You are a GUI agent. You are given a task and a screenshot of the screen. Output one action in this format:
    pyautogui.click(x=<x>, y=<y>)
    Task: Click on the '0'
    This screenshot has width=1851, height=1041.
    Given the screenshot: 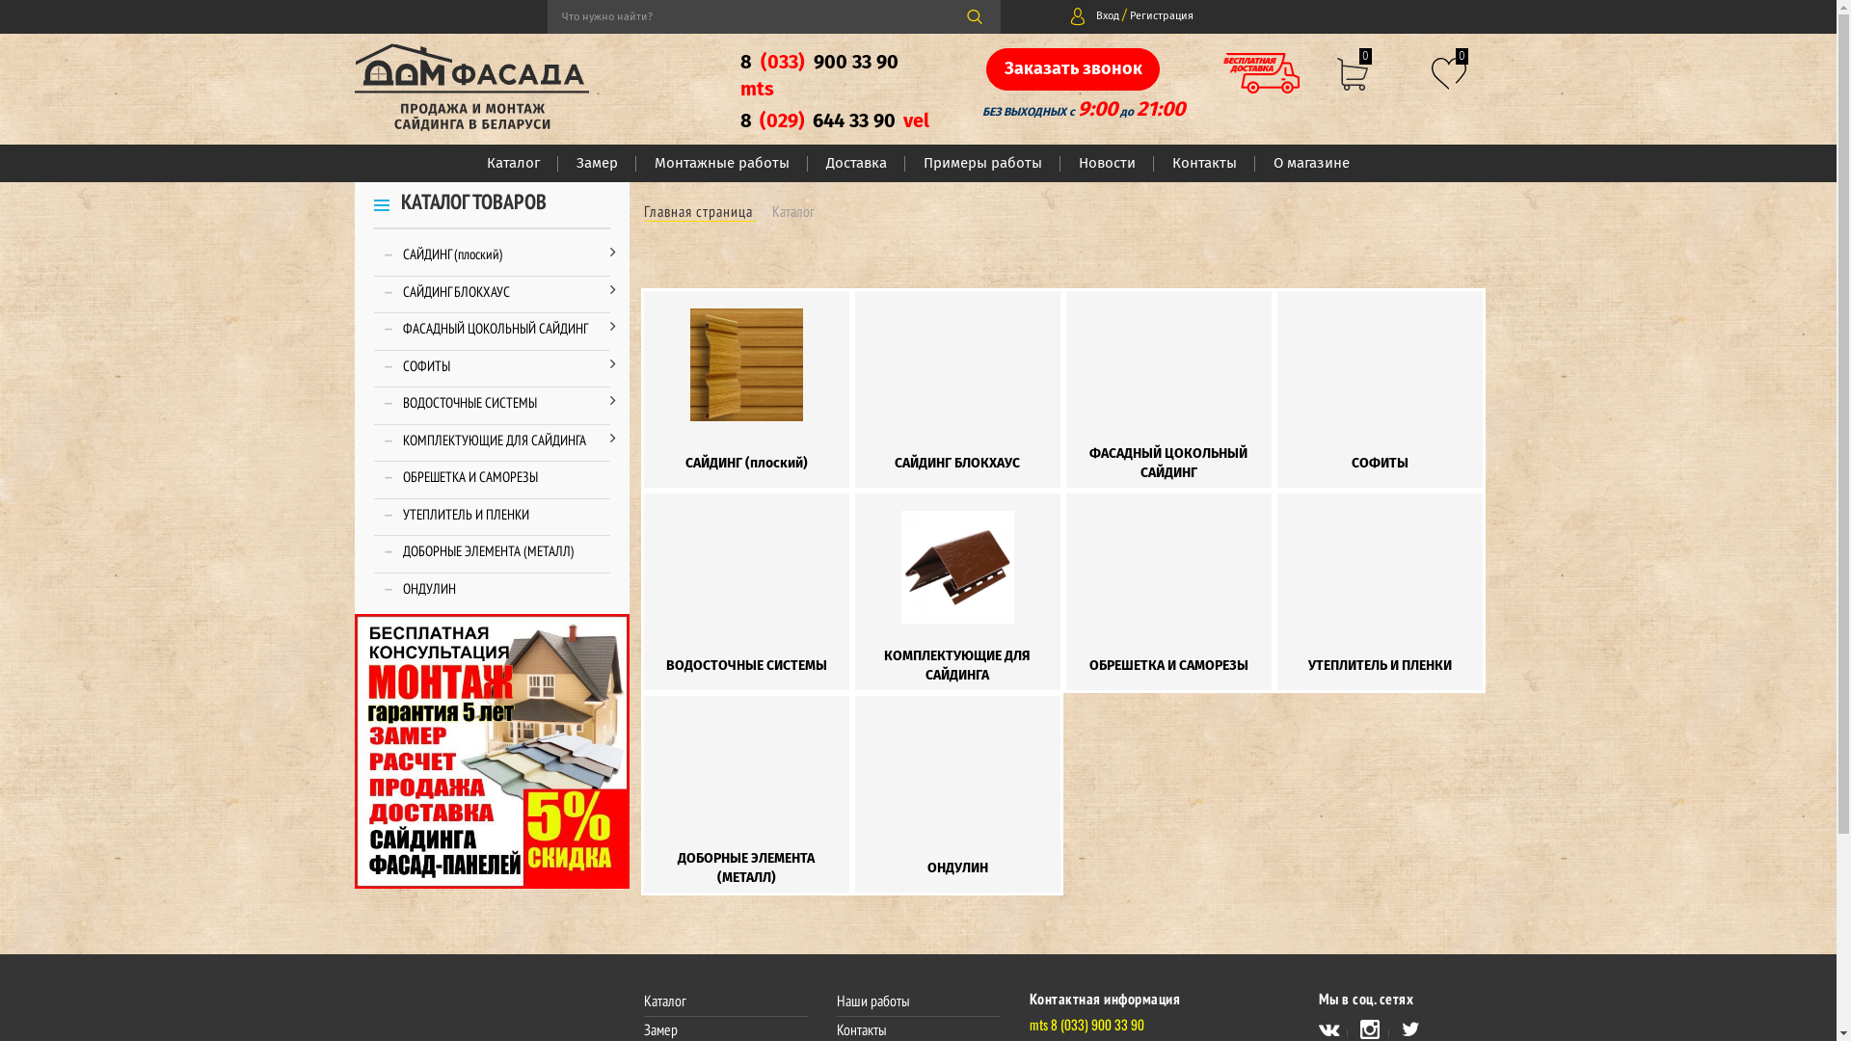 What is the action you would take?
    pyautogui.click(x=1448, y=66)
    